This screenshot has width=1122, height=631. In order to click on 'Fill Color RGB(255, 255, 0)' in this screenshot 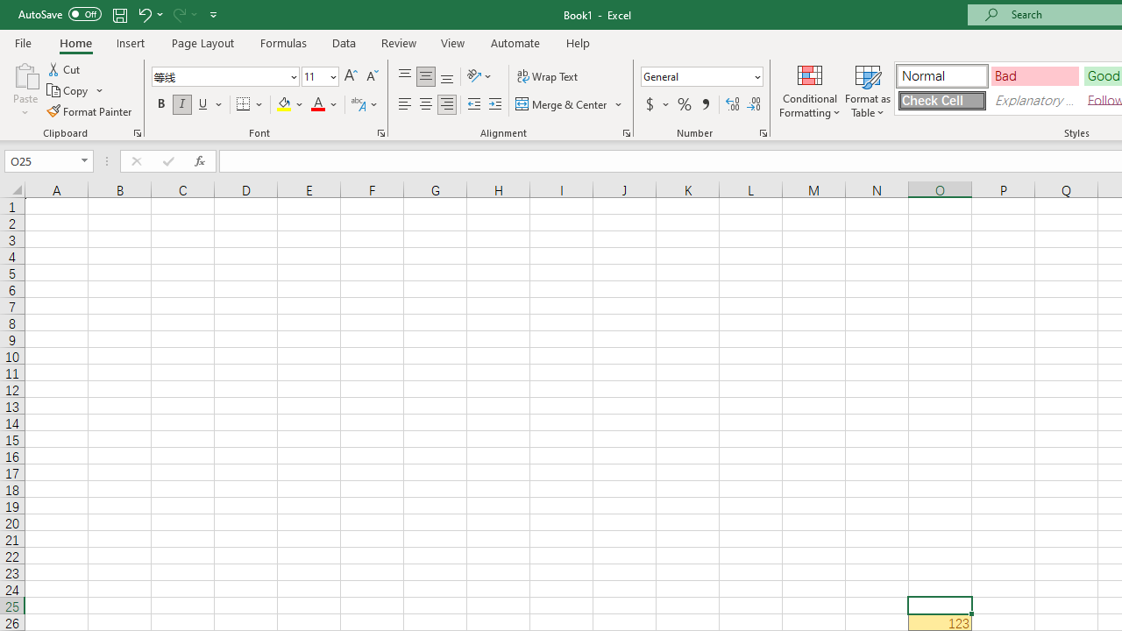, I will do `click(284, 104)`.